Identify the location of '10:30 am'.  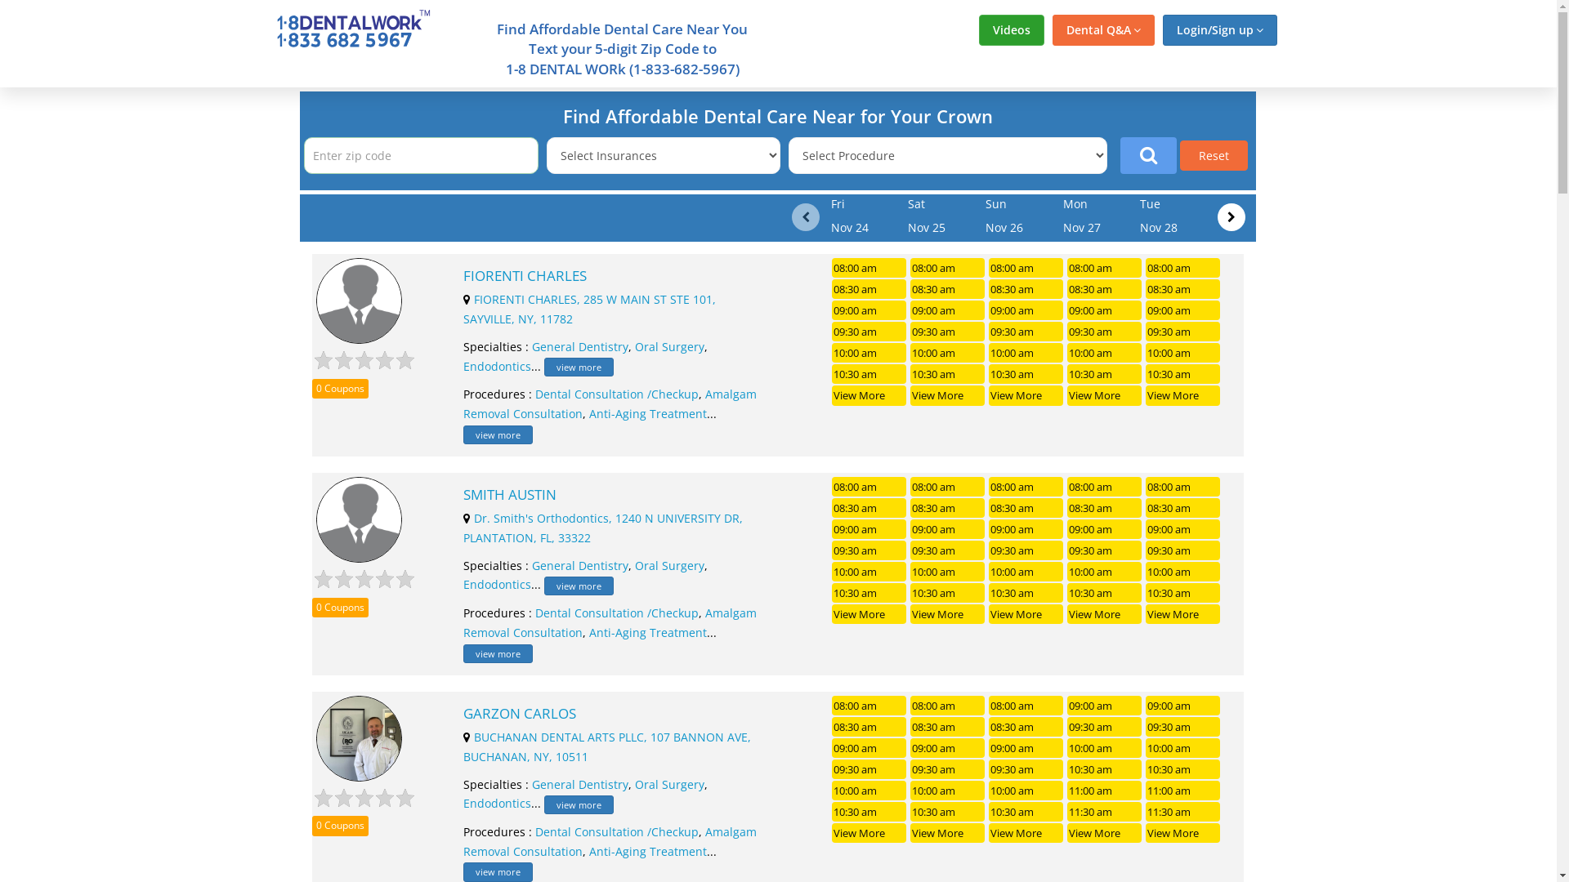
(947, 374).